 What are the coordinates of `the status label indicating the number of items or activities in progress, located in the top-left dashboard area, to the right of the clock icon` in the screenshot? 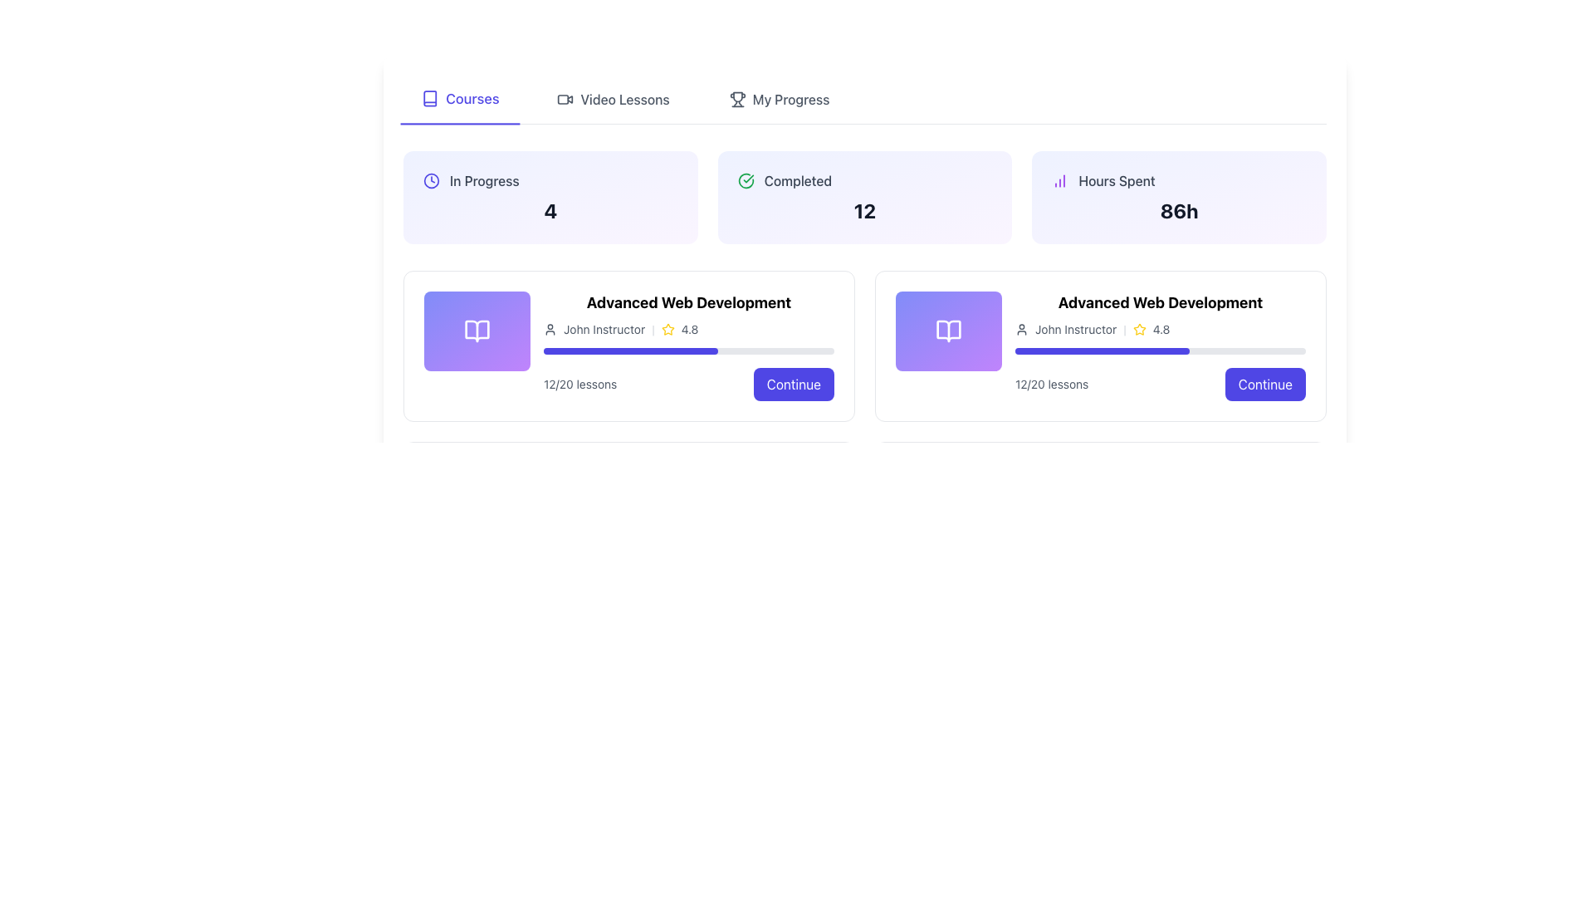 It's located at (483, 181).